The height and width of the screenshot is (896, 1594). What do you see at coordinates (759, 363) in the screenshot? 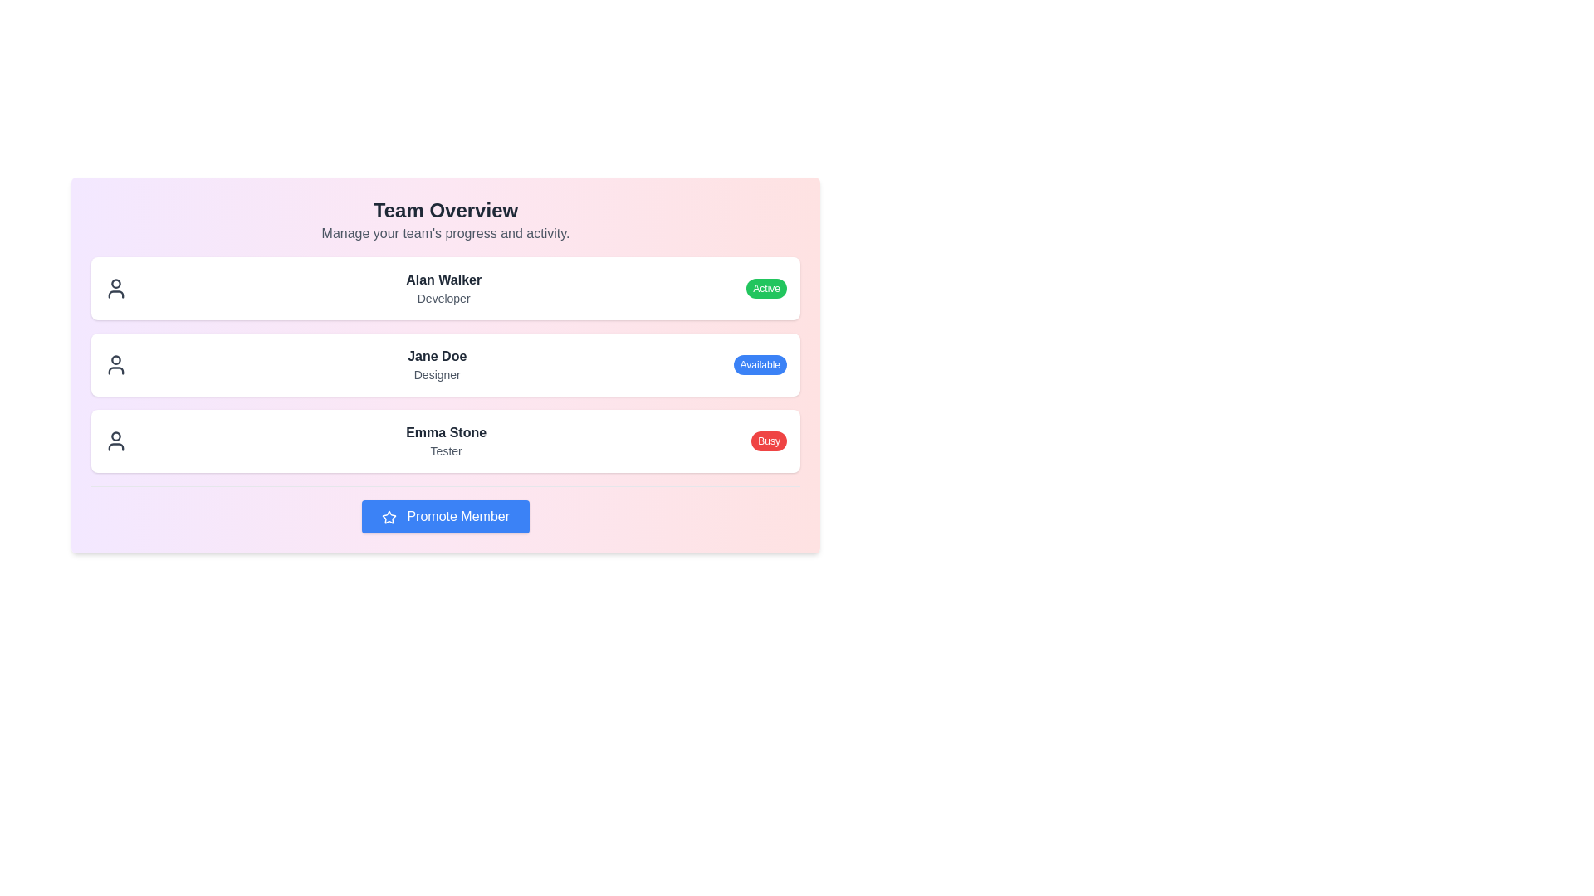
I see `text of the status badge indicating the availability of the user 'Jane Doe', located to the right of the text 'Designer' in the second entry of the list` at bounding box center [759, 363].